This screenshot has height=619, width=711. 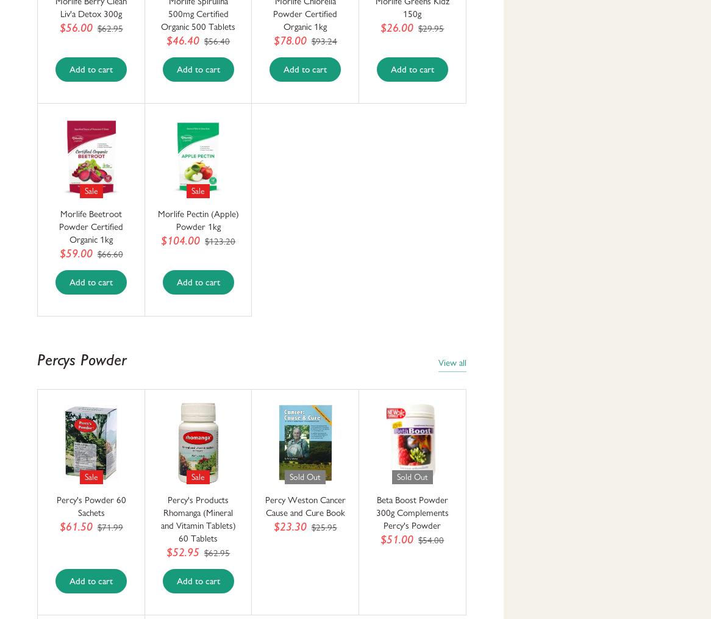 What do you see at coordinates (109, 527) in the screenshot?
I see `'$71.99'` at bounding box center [109, 527].